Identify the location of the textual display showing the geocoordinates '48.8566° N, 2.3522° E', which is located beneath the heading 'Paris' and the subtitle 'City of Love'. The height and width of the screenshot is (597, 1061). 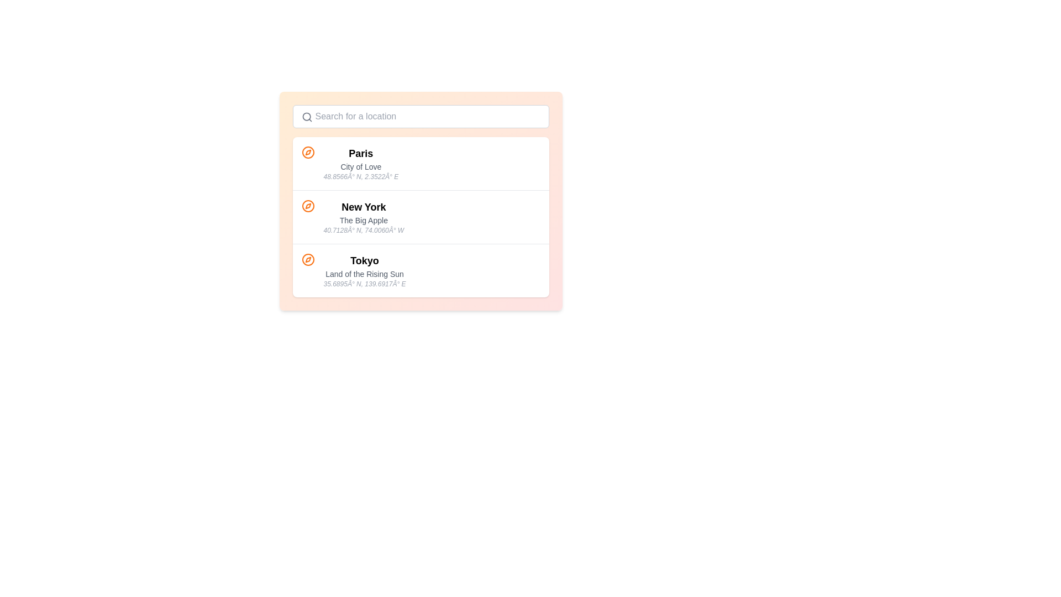
(361, 176).